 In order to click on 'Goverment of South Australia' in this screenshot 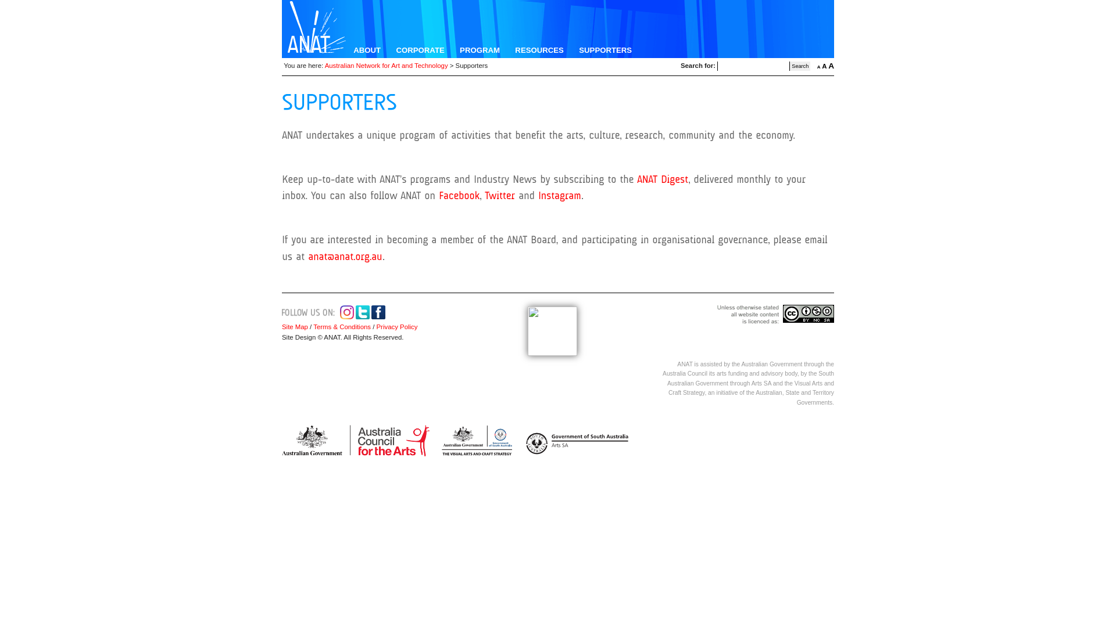, I will do `click(574, 441)`.